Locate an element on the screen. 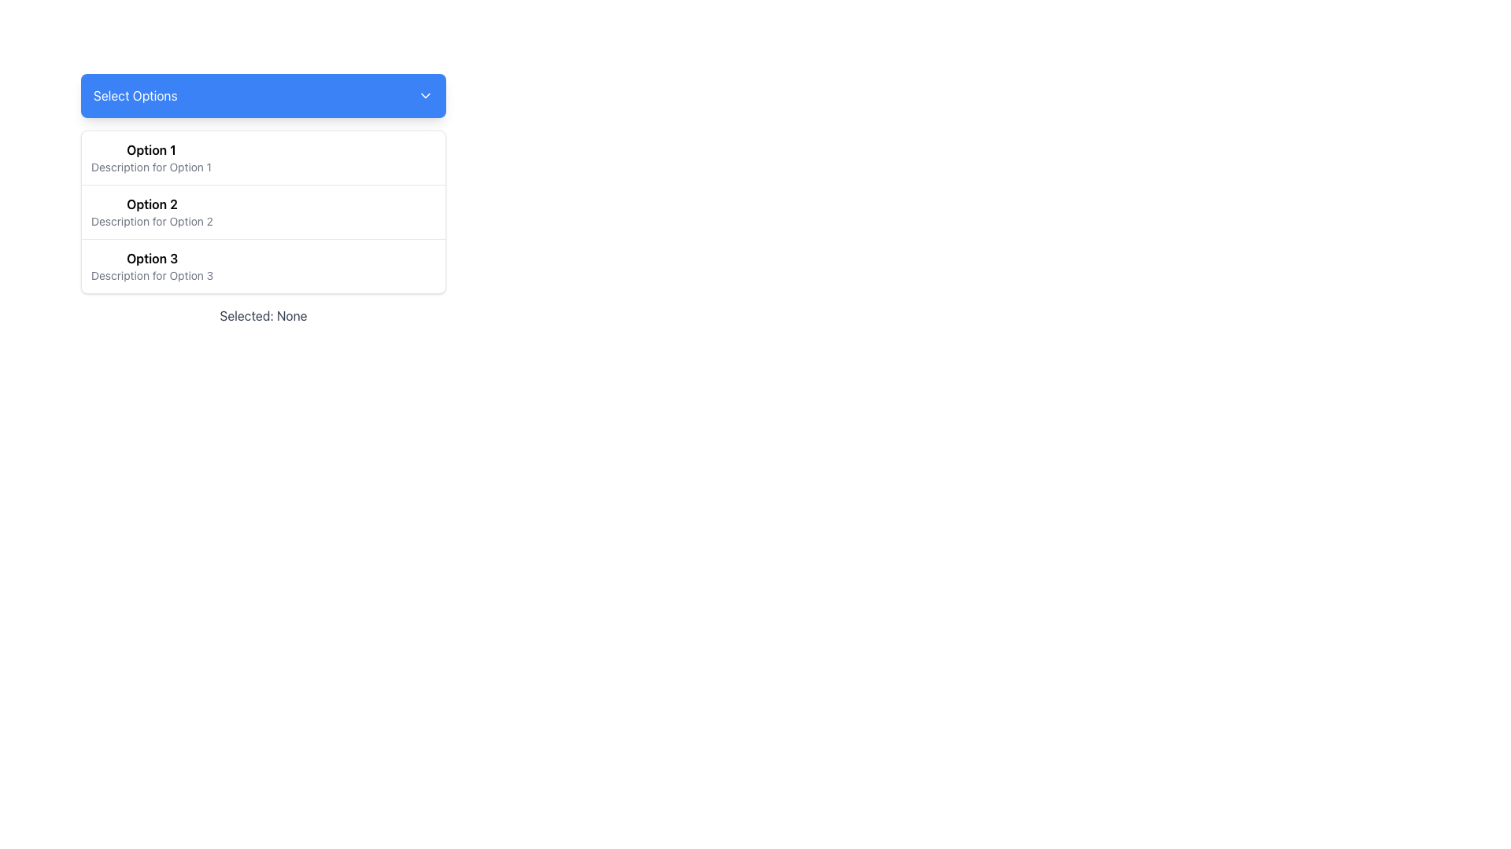  the first list item in the dropdown menu, which displays 'Option 1' in bold font and 'Description for Option 1' in smaller gray font is located at coordinates (151, 157).